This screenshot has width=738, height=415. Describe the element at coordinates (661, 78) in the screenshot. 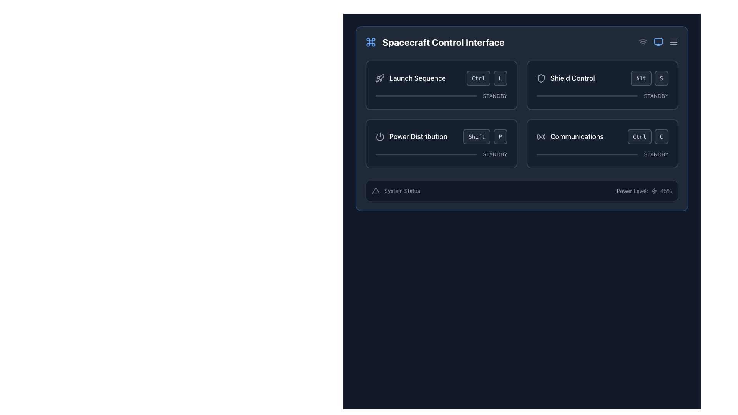

I see `the button representing the shorthand key 'S' for the 'Shield Control' functionality located in the top-right quadrant of the panel` at that location.